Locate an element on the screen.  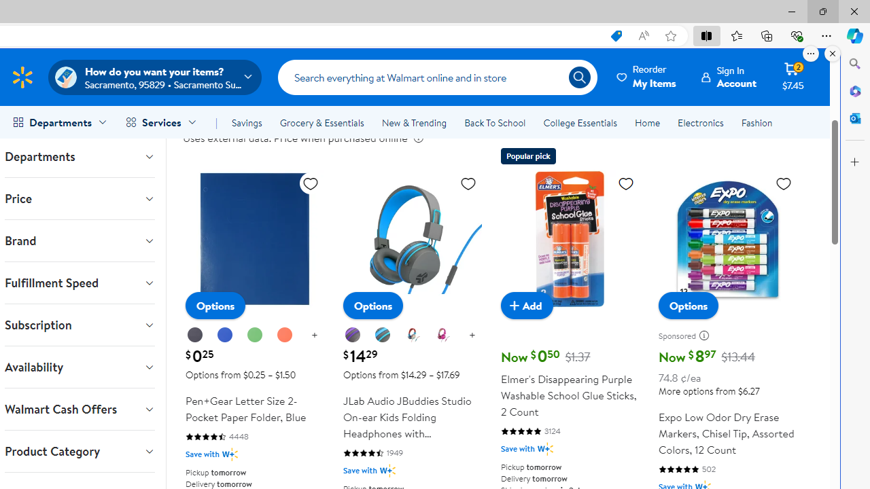
'Ad disclaimer and feedback' is located at coordinates (707, 336).